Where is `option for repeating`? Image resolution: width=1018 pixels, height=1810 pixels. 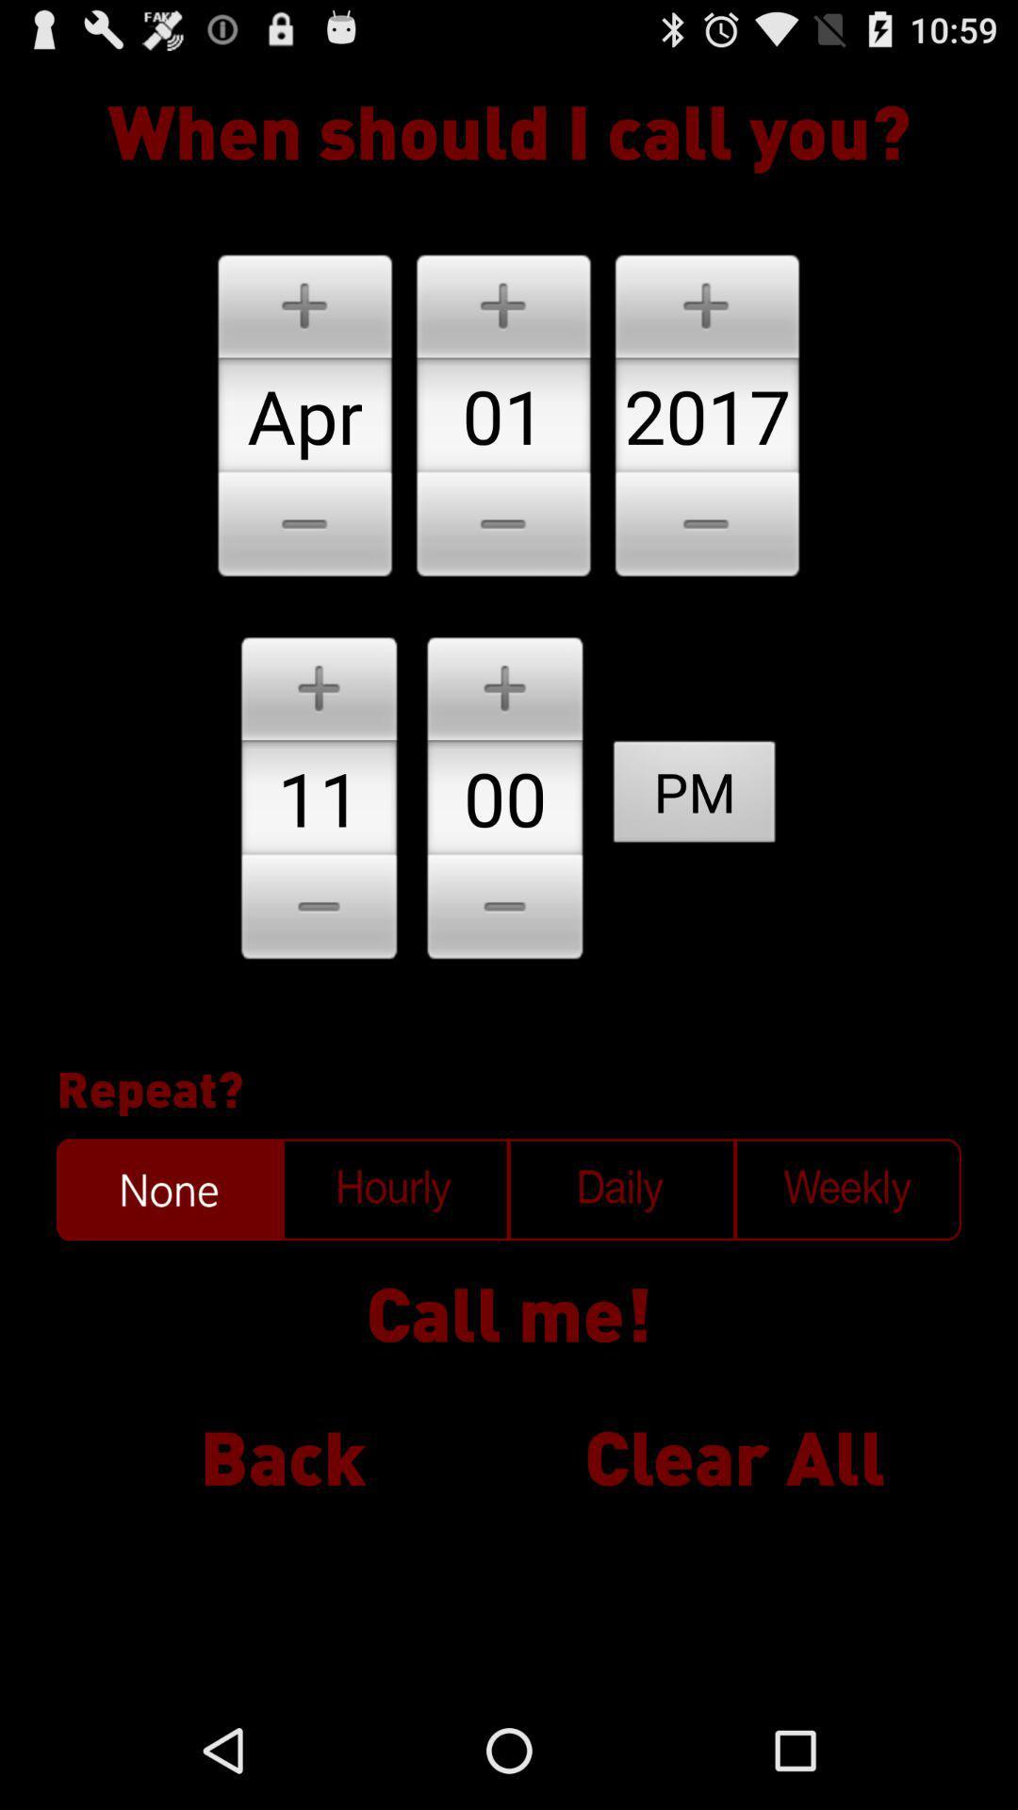
option for repeating is located at coordinates (170, 1189).